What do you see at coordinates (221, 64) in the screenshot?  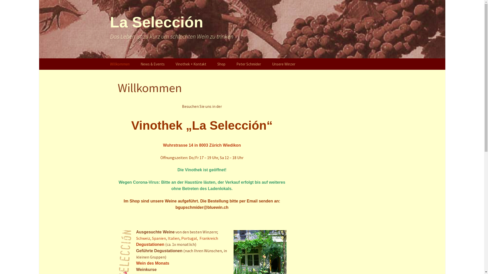 I see `'Shop'` at bounding box center [221, 64].